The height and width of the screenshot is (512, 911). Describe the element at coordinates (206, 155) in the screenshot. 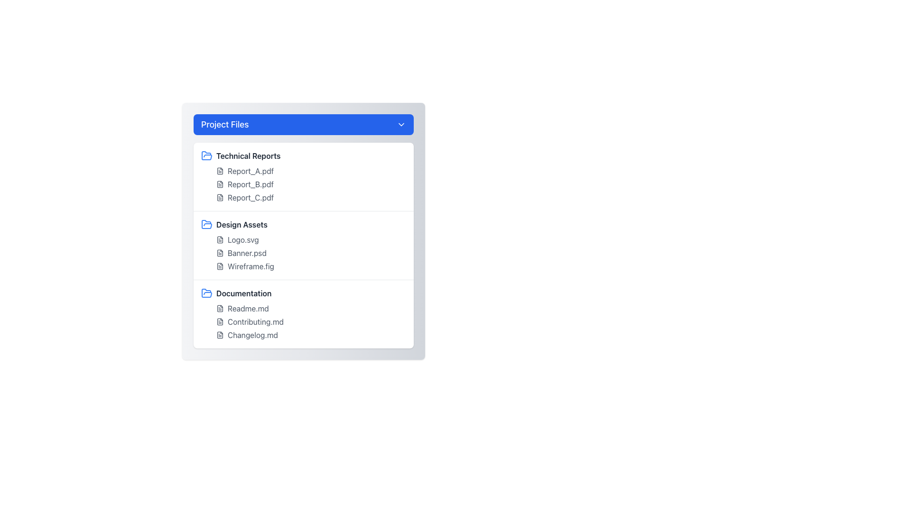

I see `the folder icon representing 'Technical Reports' located to the left of the text in the 'Project Files' section` at that location.